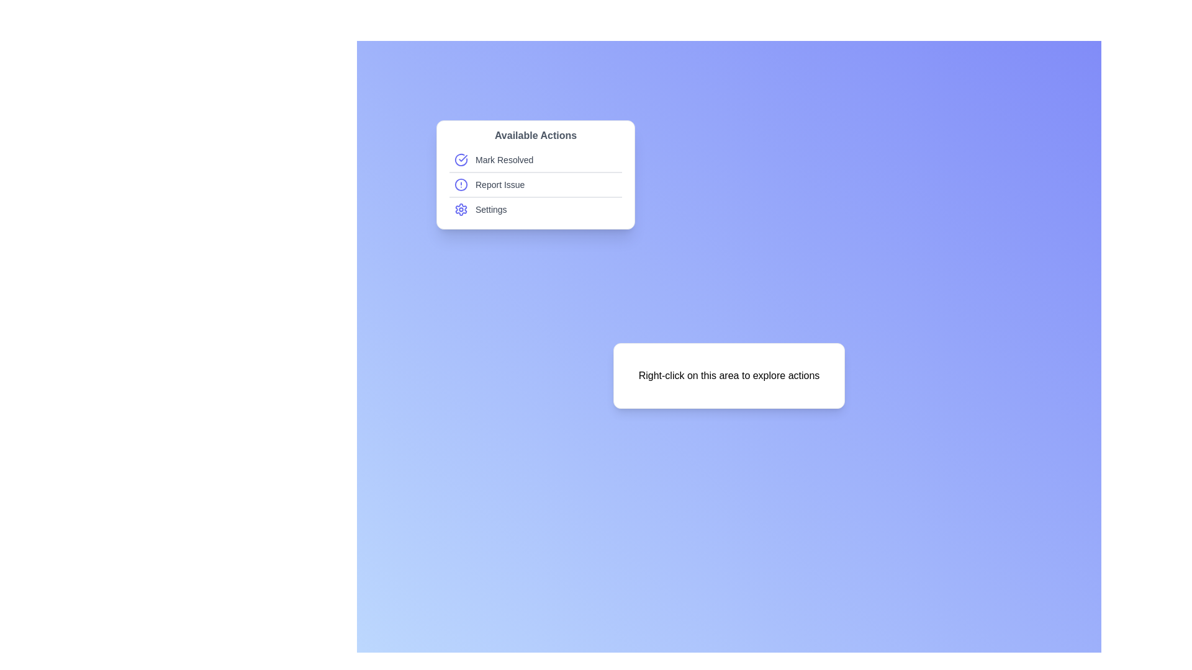  Describe the element at coordinates (536, 159) in the screenshot. I see `the 'Mark Resolved' option in the context menu` at that location.